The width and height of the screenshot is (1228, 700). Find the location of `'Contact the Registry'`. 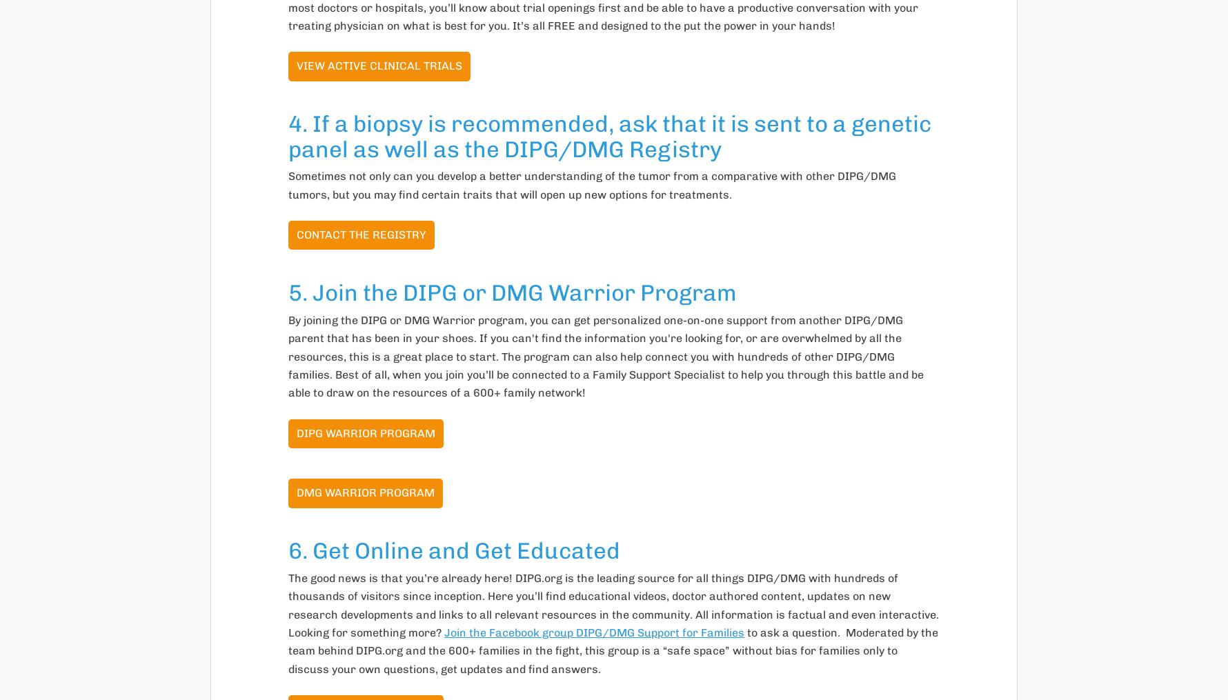

'Contact the Registry' is located at coordinates (361, 234).